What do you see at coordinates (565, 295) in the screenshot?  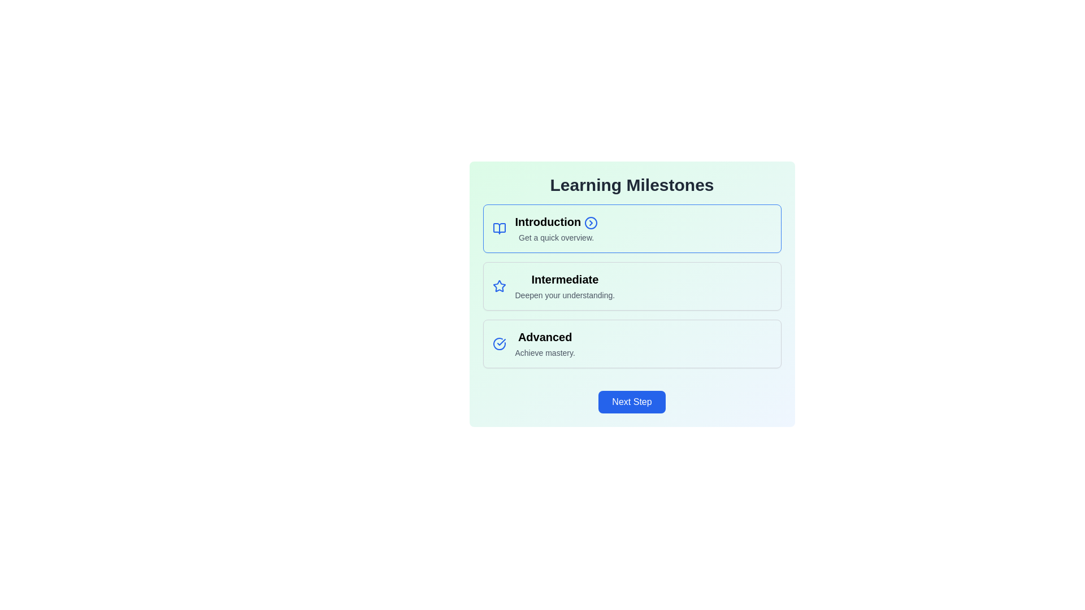 I see `the descriptive label located beneath the 'Intermediate' heading in the Learning Milestones section, as it may contain interactive elements` at bounding box center [565, 295].